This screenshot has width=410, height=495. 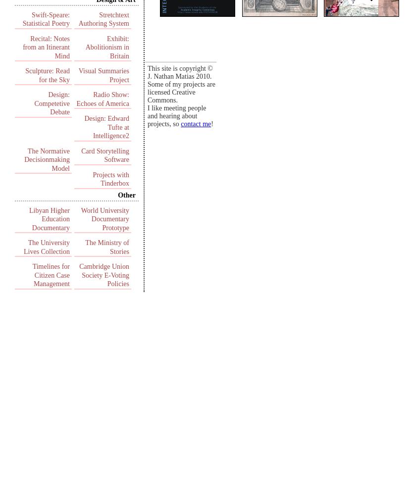 What do you see at coordinates (47, 247) in the screenshot?
I see `'The University Lives Collection'` at bounding box center [47, 247].